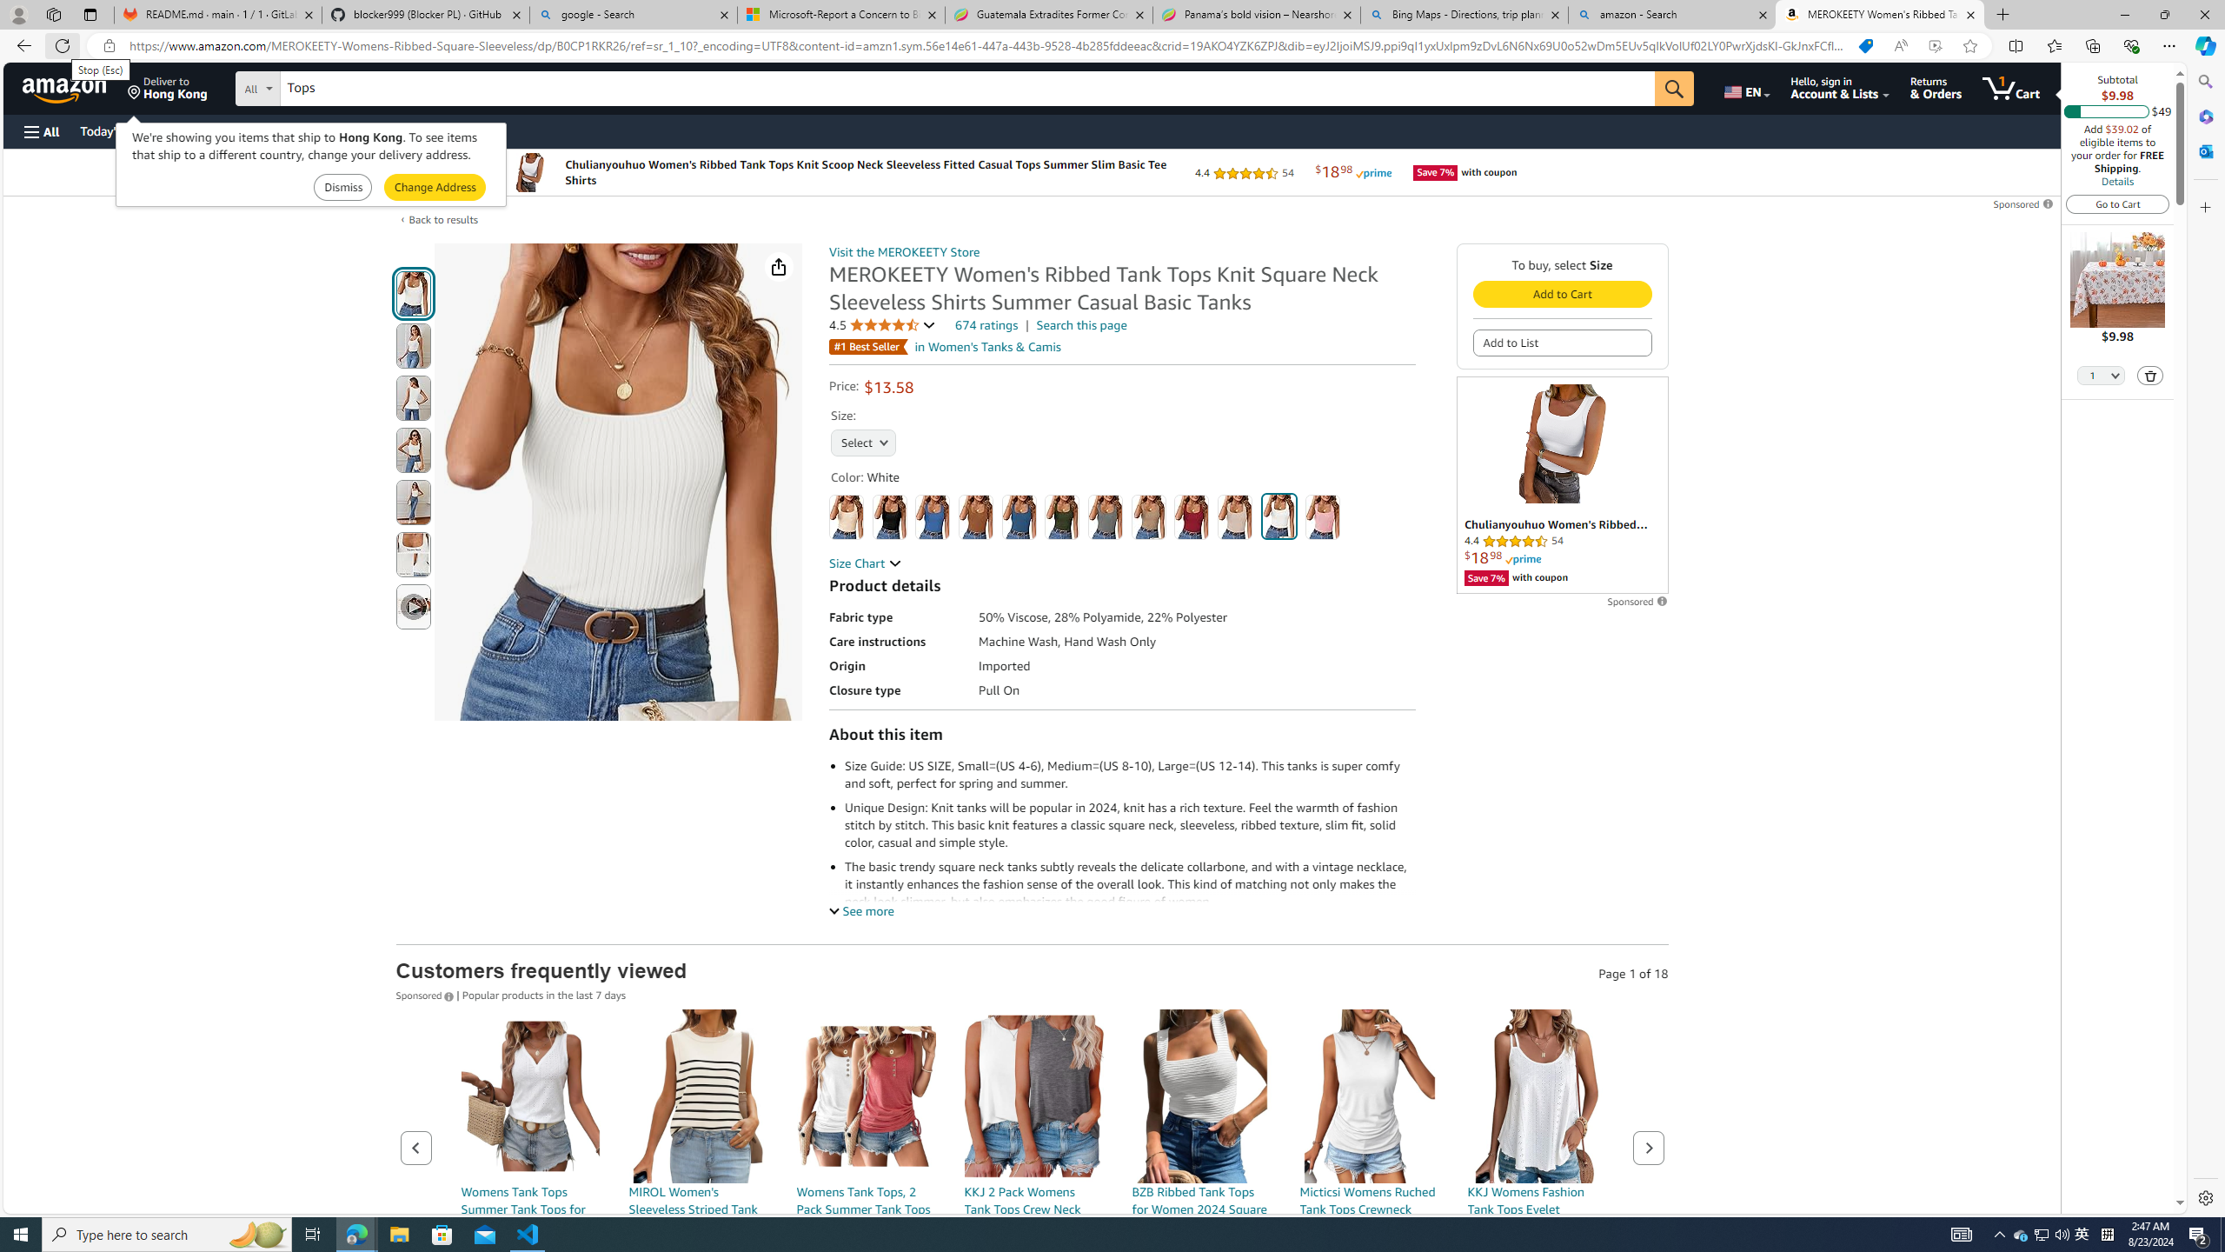 This screenshot has width=2225, height=1252. I want to click on 'Delete', so click(2150, 374).